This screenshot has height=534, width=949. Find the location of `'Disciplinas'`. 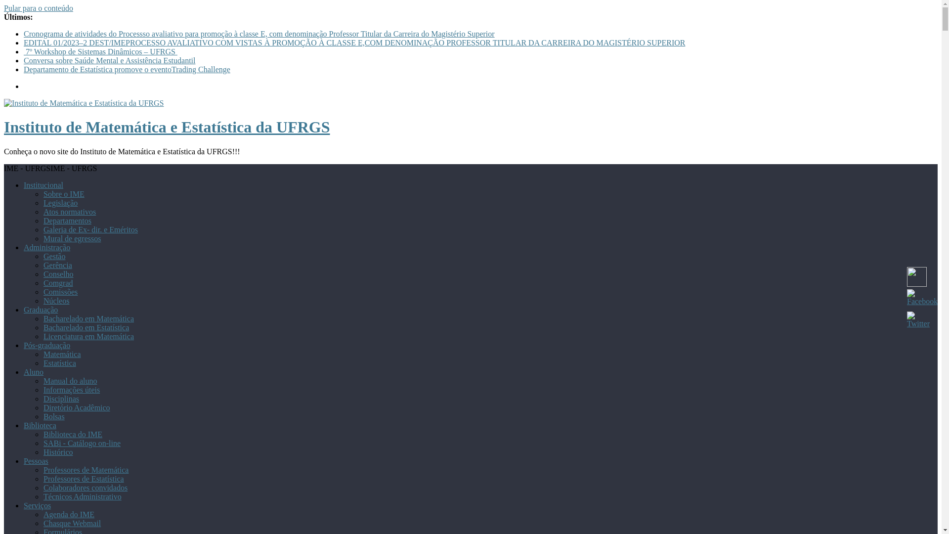

'Disciplinas' is located at coordinates (61, 398).